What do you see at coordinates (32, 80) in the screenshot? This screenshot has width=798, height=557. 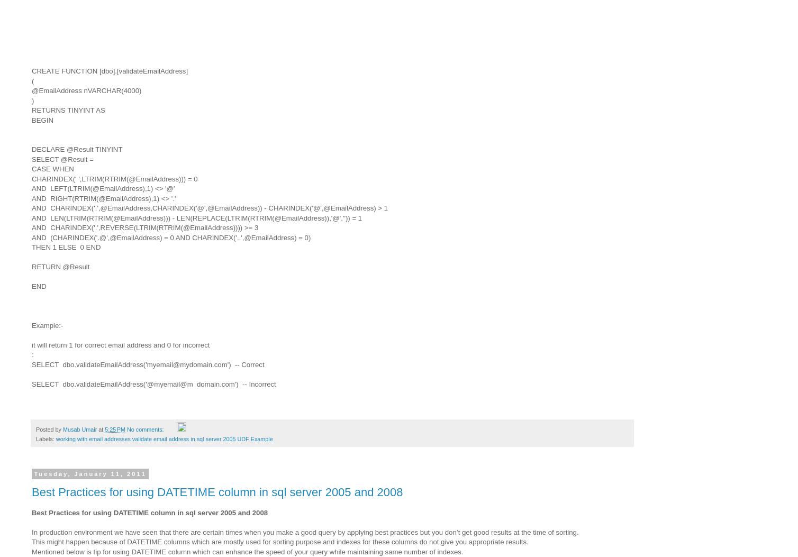 I see `'('` at bounding box center [32, 80].